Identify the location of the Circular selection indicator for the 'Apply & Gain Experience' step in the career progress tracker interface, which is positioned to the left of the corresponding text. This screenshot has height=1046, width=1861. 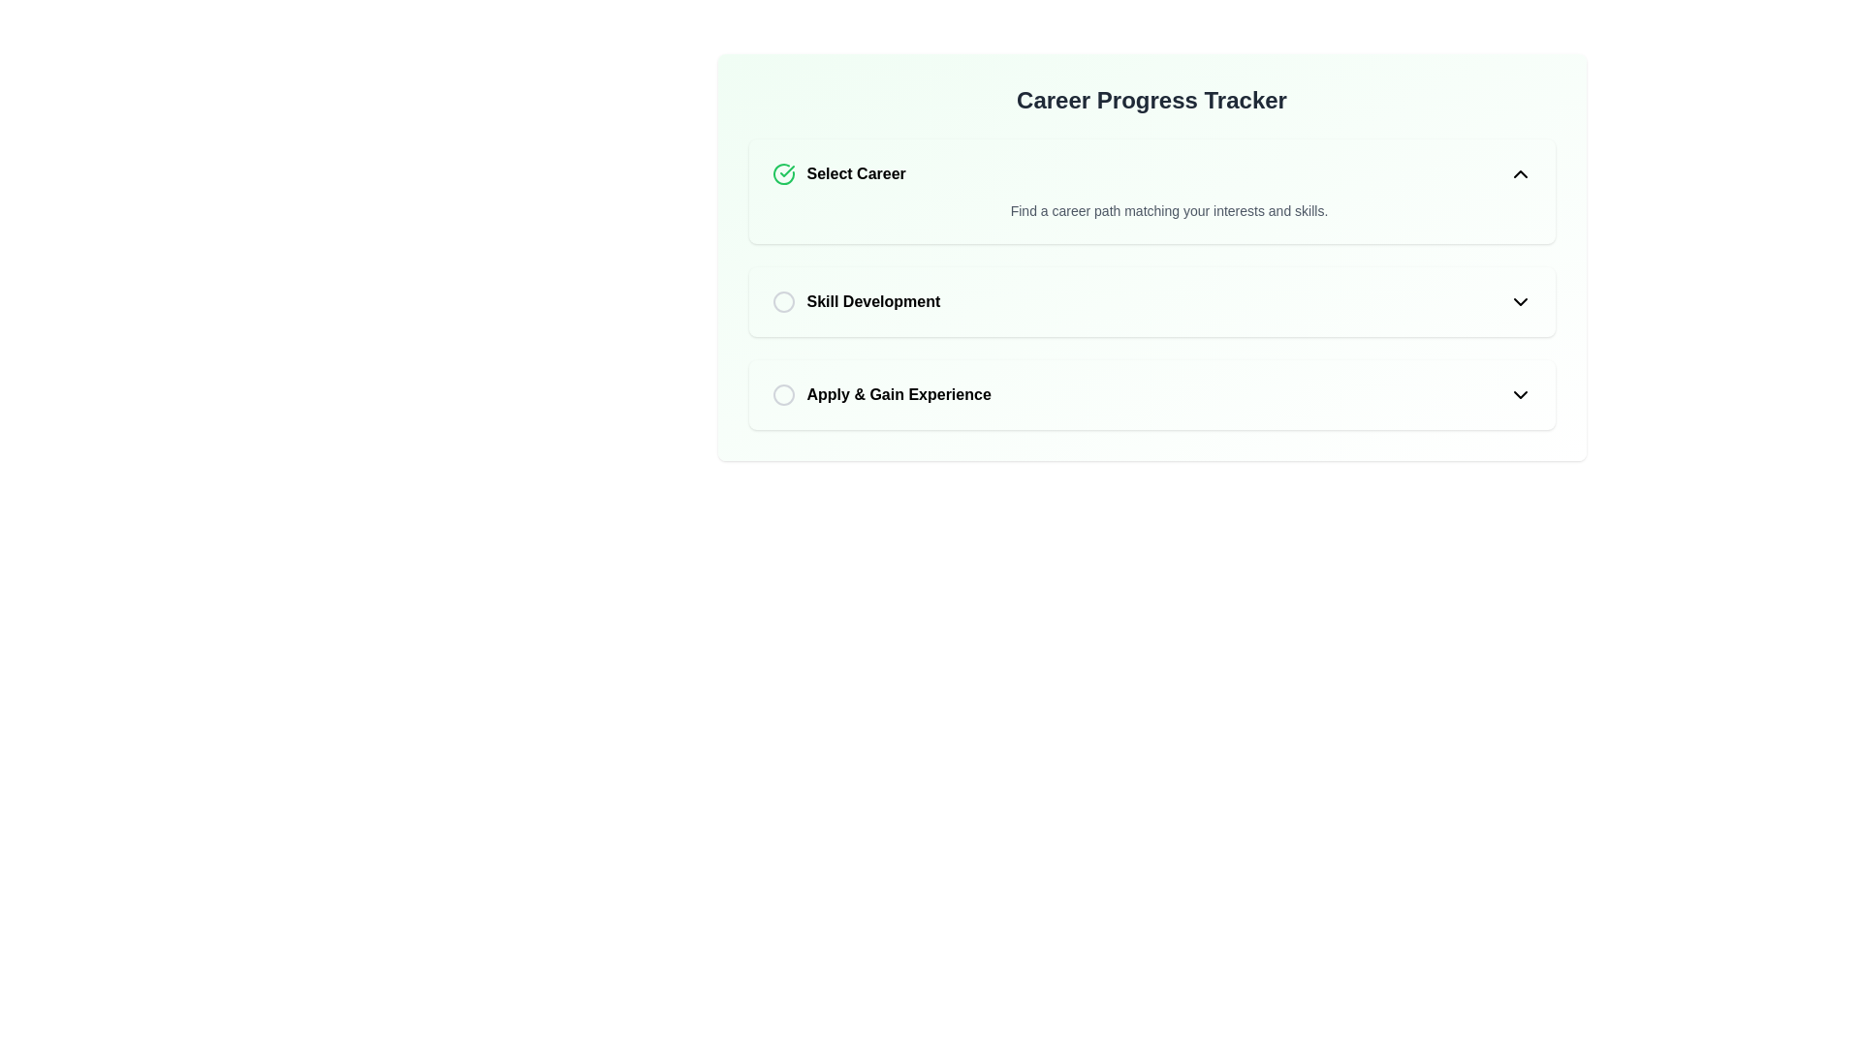
(783, 394).